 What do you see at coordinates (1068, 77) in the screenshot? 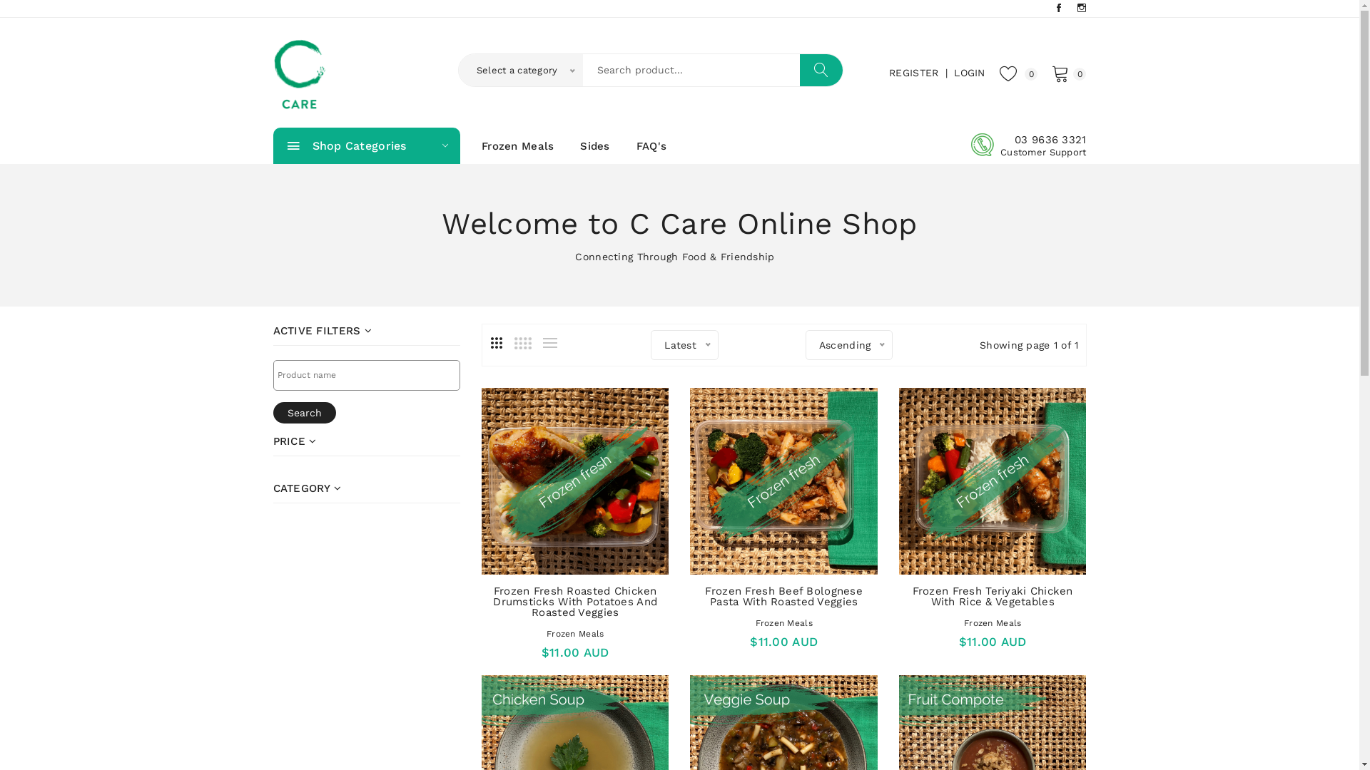
I see `'0'` at bounding box center [1068, 77].